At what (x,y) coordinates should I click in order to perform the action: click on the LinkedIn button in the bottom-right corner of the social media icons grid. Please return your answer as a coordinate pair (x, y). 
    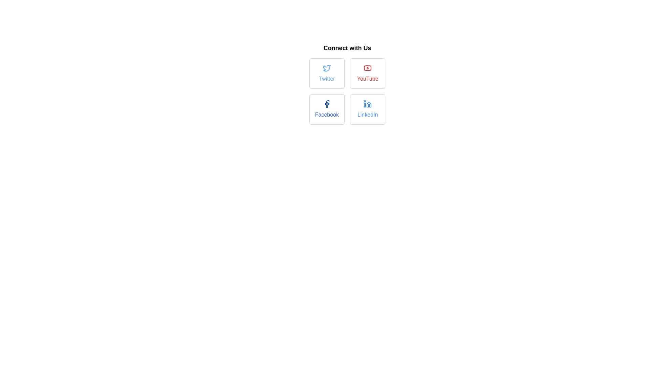
    Looking at the image, I should click on (367, 109).